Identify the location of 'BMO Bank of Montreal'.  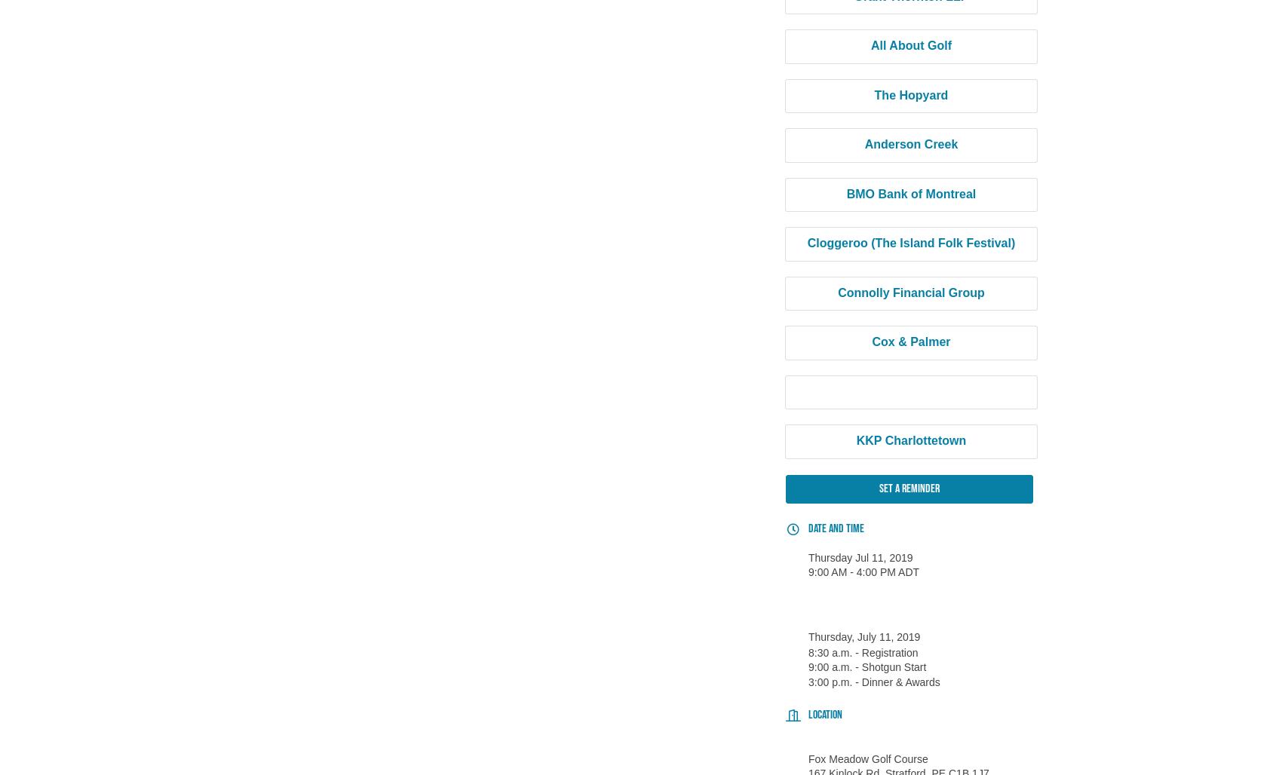
(910, 192).